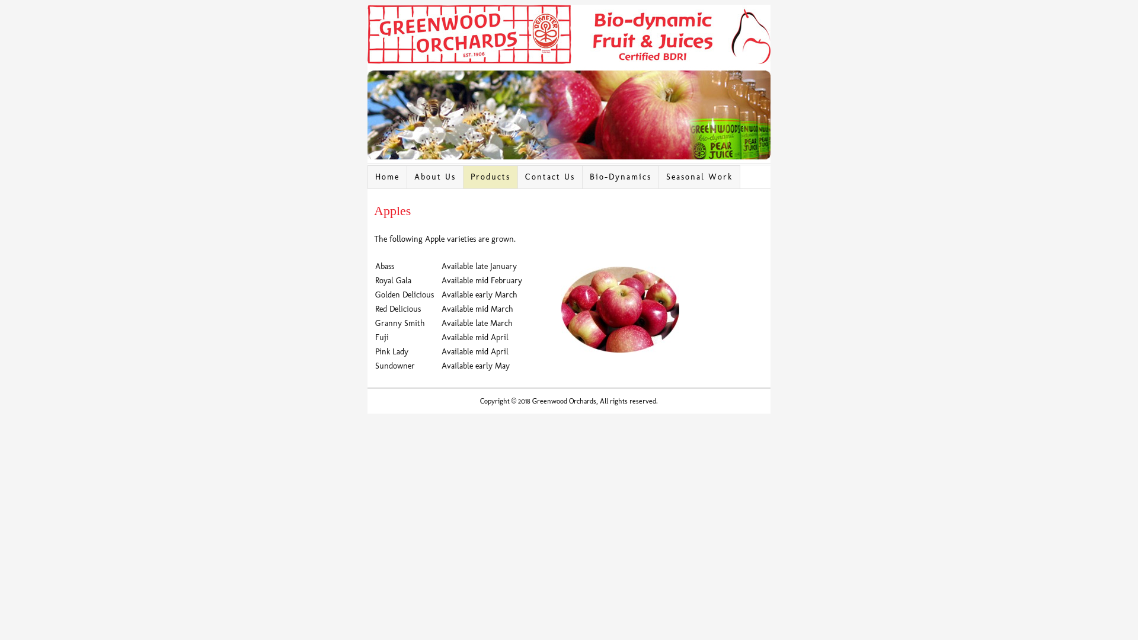  I want to click on 'Contact Us', so click(549, 177).